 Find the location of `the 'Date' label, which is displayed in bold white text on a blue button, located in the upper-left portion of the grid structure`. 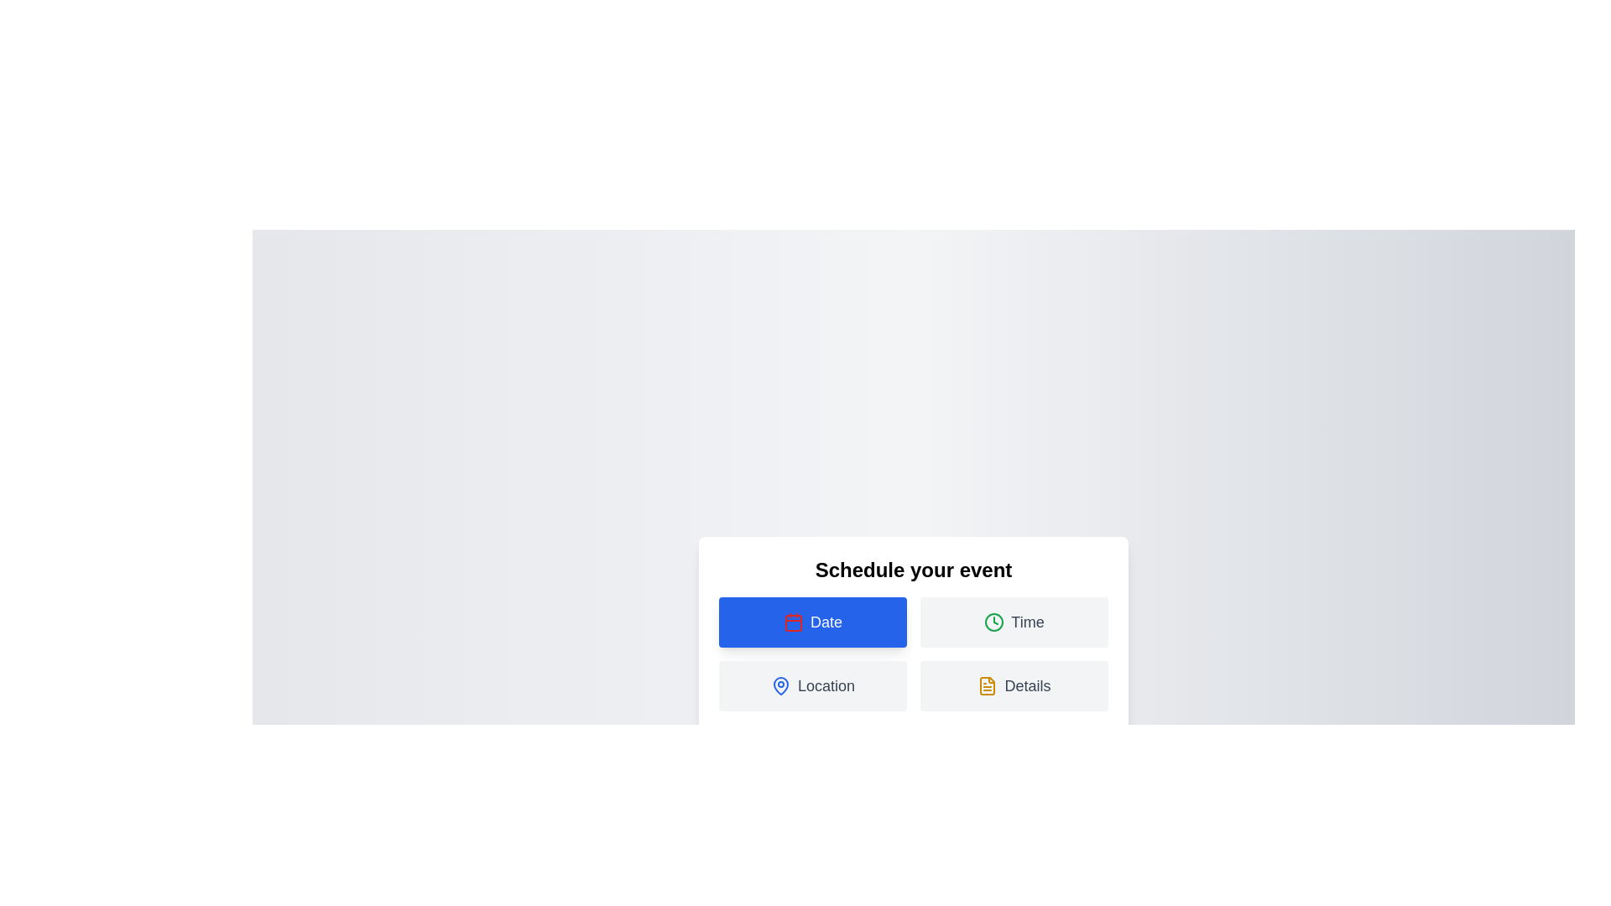

the 'Date' label, which is displayed in bold white text on a blue button, located in the upper-left portion of the grid structure is located at coordinates (826, 622).